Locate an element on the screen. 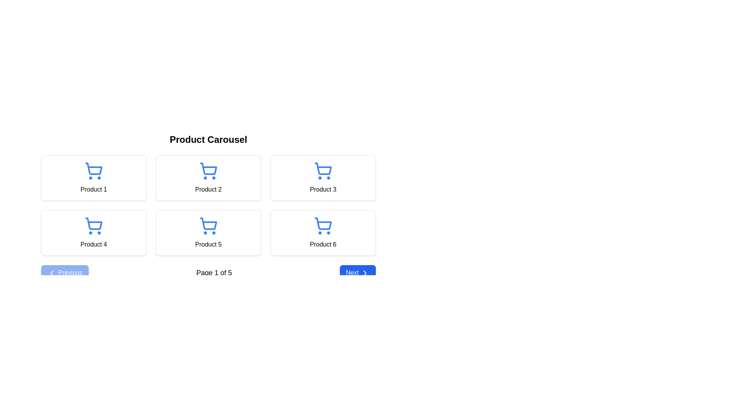 This screenshot has height=418, width=744. the center-aligned header labeled 'Product Carousel' which is bold and large in black font, positioned above the product grid and pagination controls is located at coordinates (208, 140).